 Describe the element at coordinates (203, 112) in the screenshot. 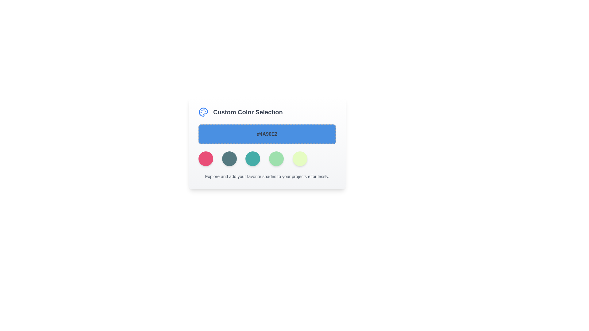

I see `the decorative icon resembling a painter's palette, located to the left of the 'Custom Color Selection' title` at that location.